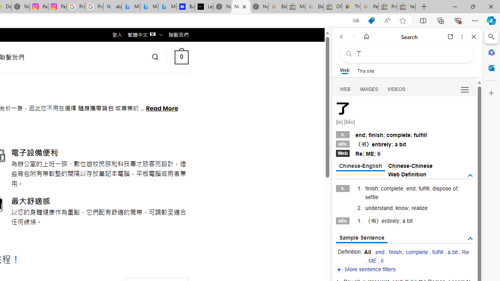 This screenshot has height=281, width=500. Describe the element at coordinates (390, 221) in the screenshot. I see `'entirely'` at that location.